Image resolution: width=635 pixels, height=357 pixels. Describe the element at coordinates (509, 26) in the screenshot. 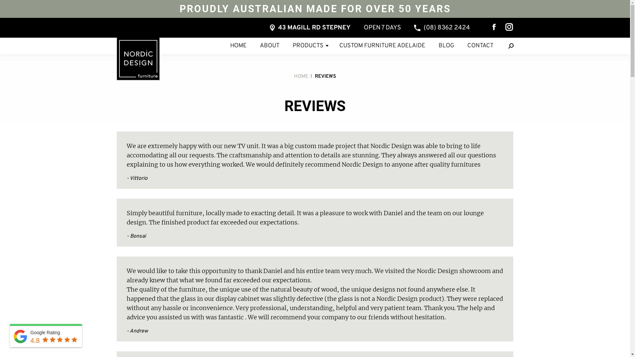

I see `'Instagram page opens in new window'` at that location.